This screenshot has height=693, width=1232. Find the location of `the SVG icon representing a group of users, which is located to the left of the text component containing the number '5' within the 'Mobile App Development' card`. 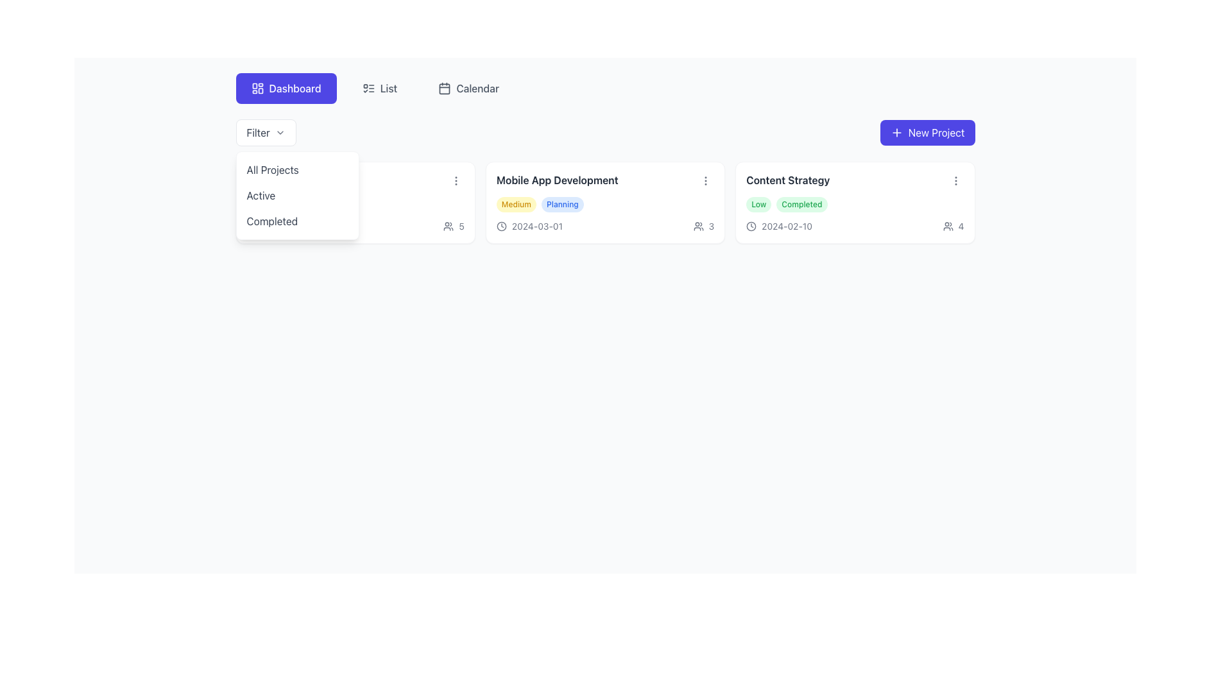

the SVG icon representing a group of users, which is located to the left of the text component containing the number '5' within the 'Mobile App Development' card is located at coordinates (449, 226).